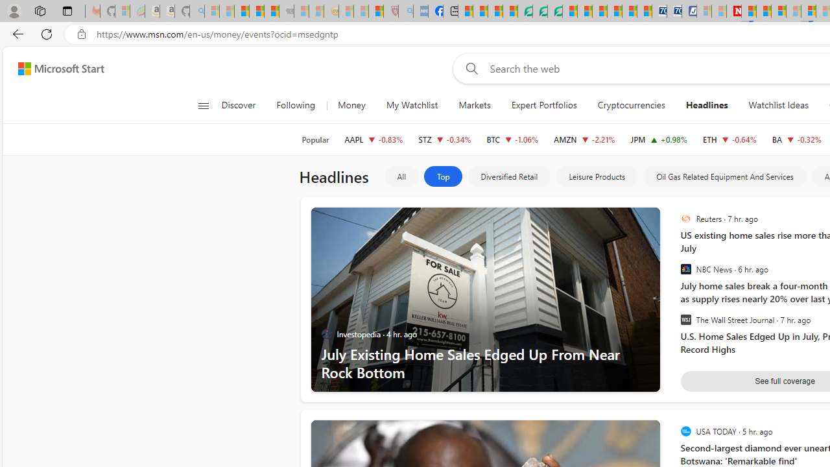  What do you see at coordinates (405, 11) in the screenshot?
I see `'list of asthma inhalers uk - Search - Sleeping'` at bounding box center [405, 11].